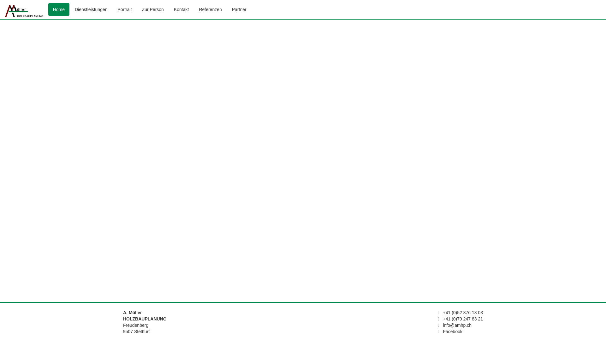  What do you see at coordinates (153, 9) in the screenshot?
I see `'Zur Person'` at bounding box center [153, 9].